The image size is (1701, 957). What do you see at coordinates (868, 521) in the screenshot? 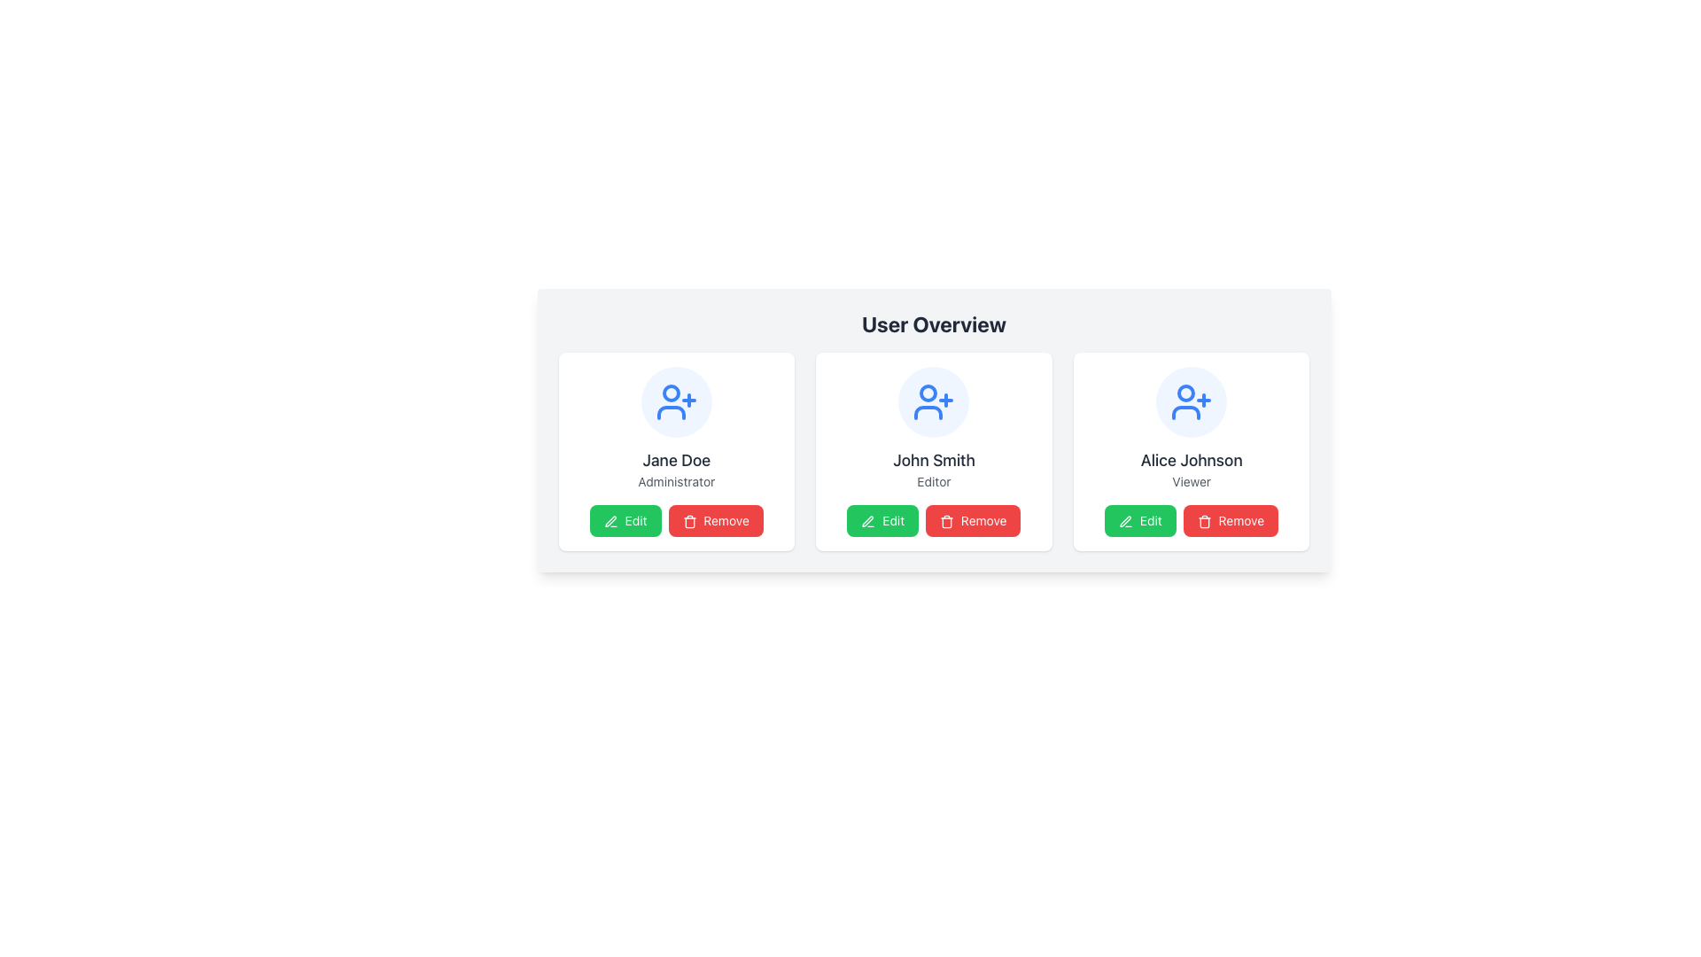
I see `the small green and white pen icon within the 'Edit' button located beneath the 'John Smith' card in the 'User Overview' panel` at bounding box center [868, 521].